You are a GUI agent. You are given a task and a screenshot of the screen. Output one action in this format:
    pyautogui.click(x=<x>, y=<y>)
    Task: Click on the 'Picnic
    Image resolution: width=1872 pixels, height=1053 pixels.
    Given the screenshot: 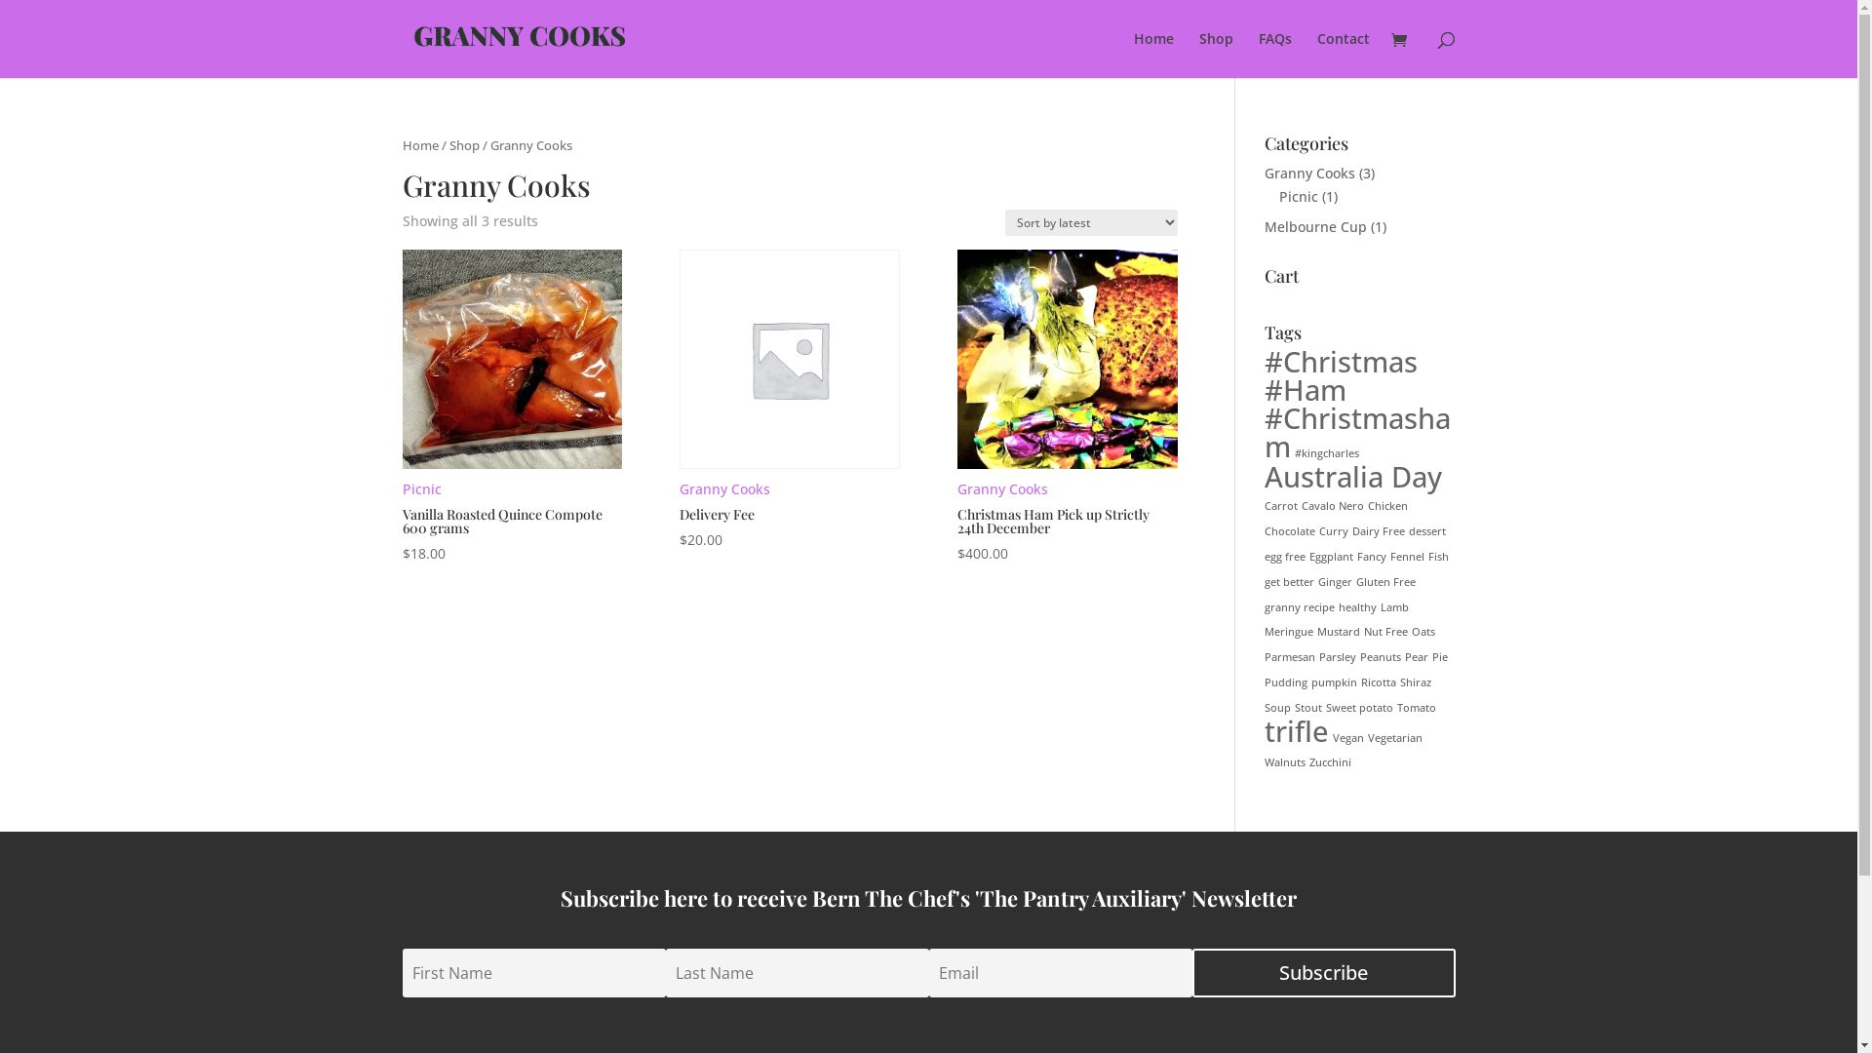 What is the action you would take?
    pyautogui.click(x=511, y=406)
    